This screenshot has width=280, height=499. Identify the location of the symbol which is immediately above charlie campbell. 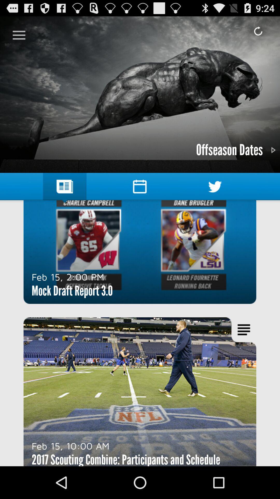
(65, 187).